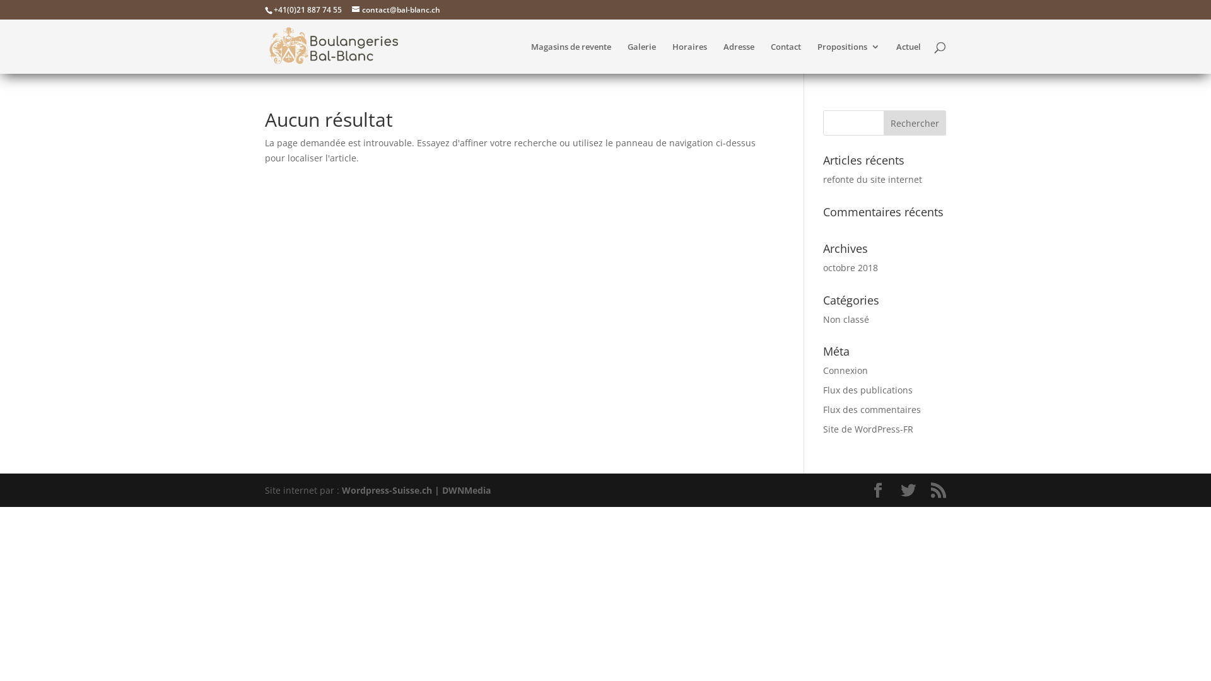 This screenshot has width=1211, height=681. What do you see at coordinates (867, 389) in the screenshot?
I see `'Flux des publications'` at bounding box center [867, 389].